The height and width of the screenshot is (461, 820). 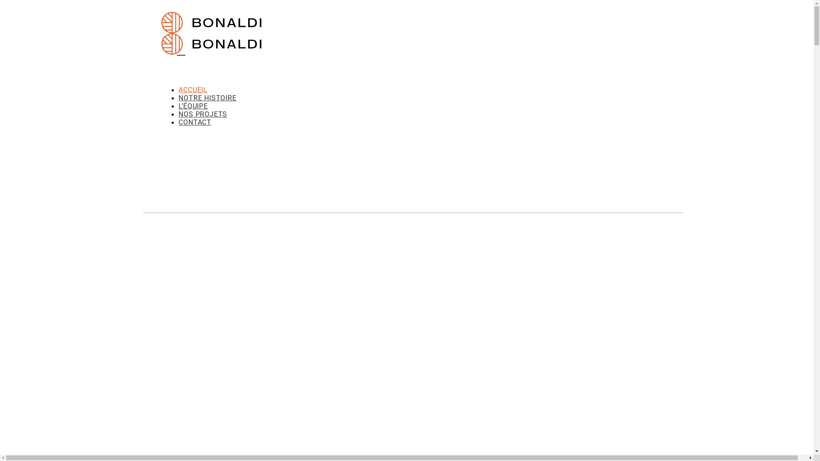 I want to click on 'NOS PROJETS', so click(x=202, y=114).